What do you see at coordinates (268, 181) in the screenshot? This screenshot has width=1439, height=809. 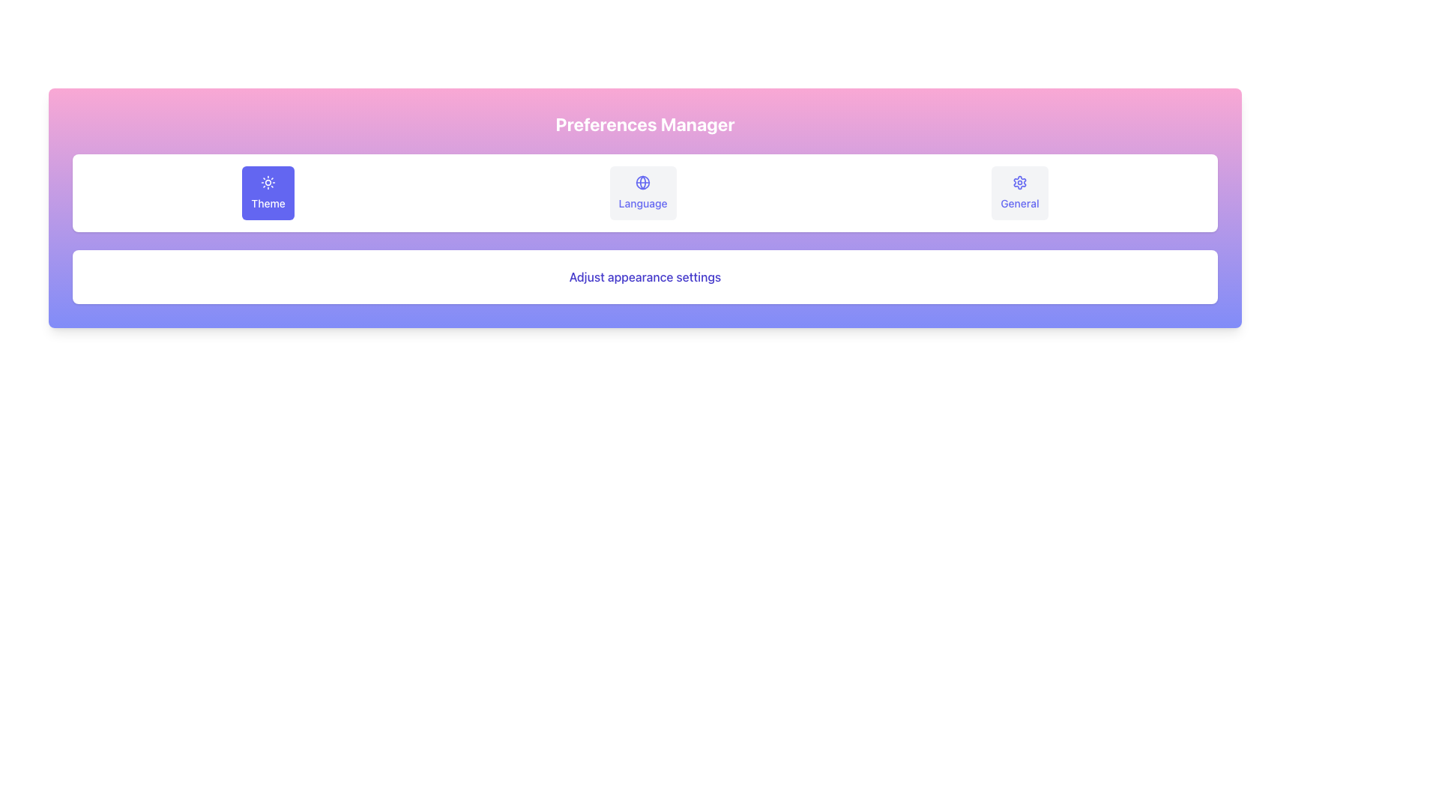 I see `the theme-related SVG Icon located inside the 'Theme' button, which is the leftmost button in a row of buttons at the top section of the interface` at bounding box center [268, 181].